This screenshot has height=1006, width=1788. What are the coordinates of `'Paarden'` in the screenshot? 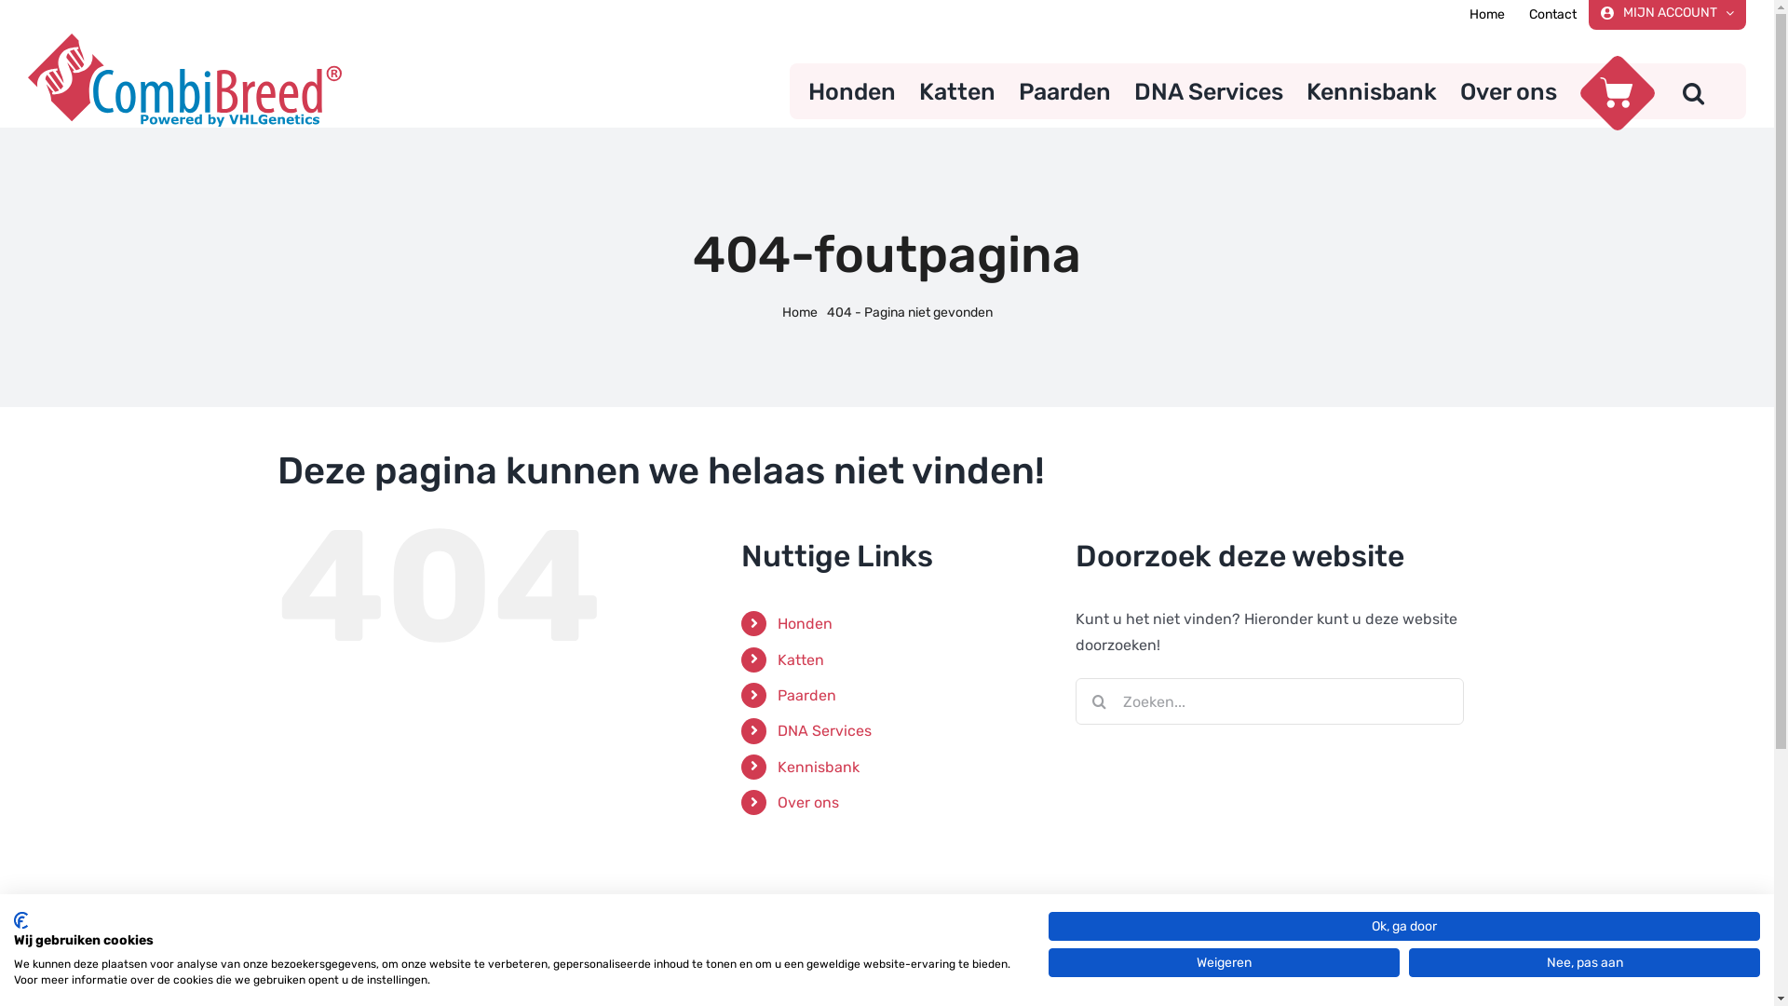 It's located at (1064, 90).